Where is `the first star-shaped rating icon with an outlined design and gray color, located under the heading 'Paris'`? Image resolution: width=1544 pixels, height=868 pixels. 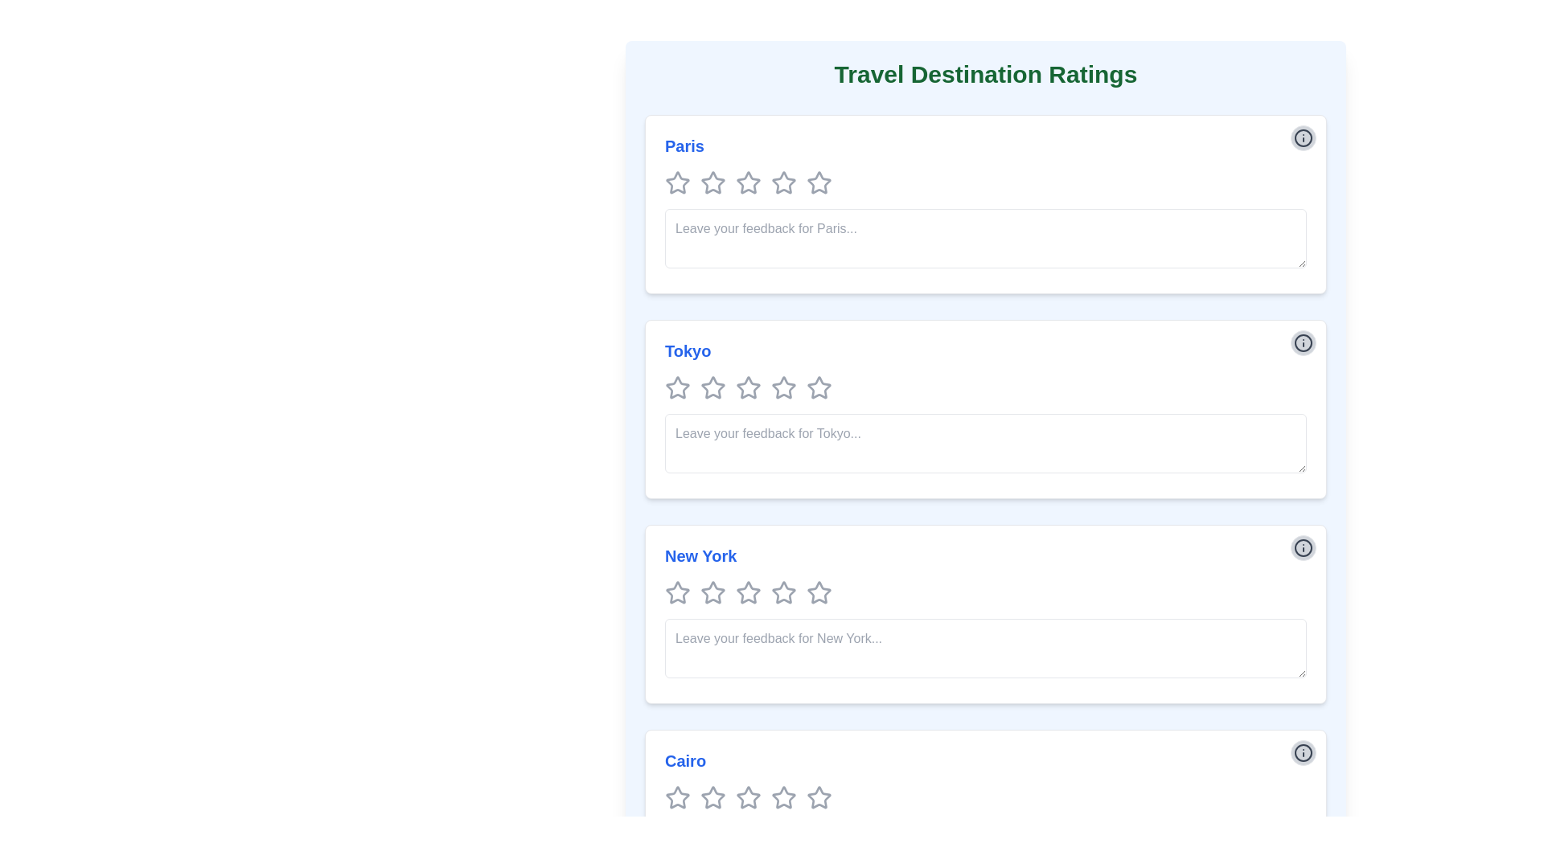
the first star-shaped rating icon with an outlined design and gray color, located under the heading 'Paris' is located at coordinates (678, 182).